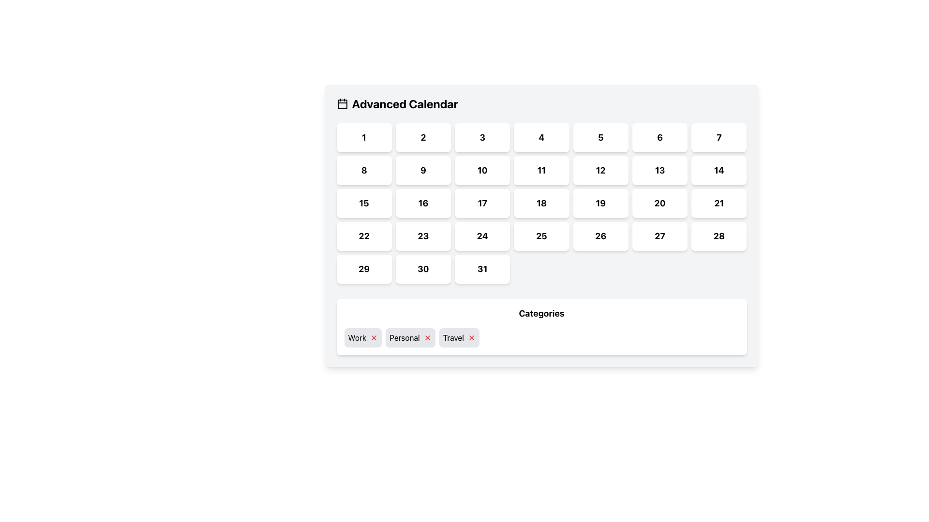 The width and height of the screenshot is (929, 522). What do you see at coordinates (423, 170) in the screenshot?
I see `the text label representing the number '9' in the calendar interface, located in the third row, second column of the grid` at bounding box center [423, 170].